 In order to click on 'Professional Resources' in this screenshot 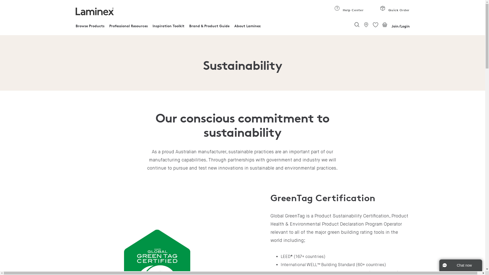, I will do `click(128, 27)`.